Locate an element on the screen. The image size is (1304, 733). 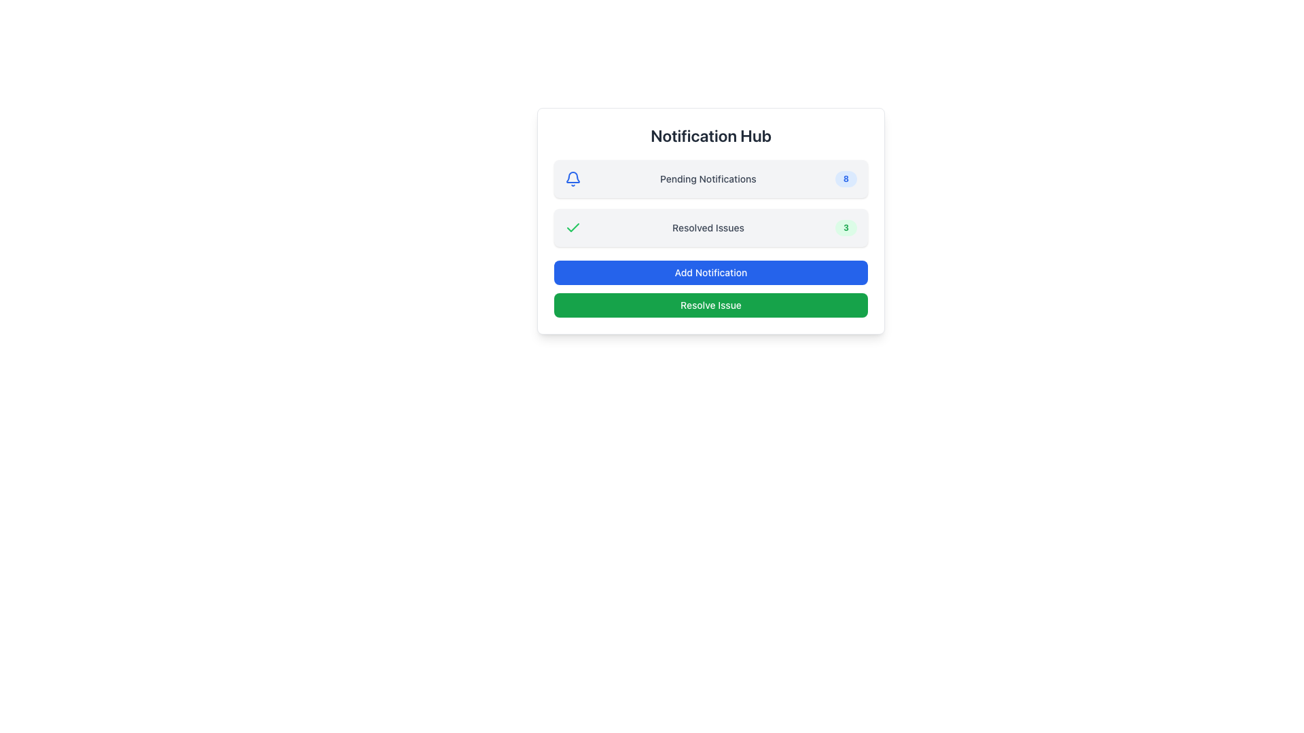
the green checkmark icon within the 'Resolved Issues 3' button area, which indicates resolved issues is located at coordinates (573, 227).